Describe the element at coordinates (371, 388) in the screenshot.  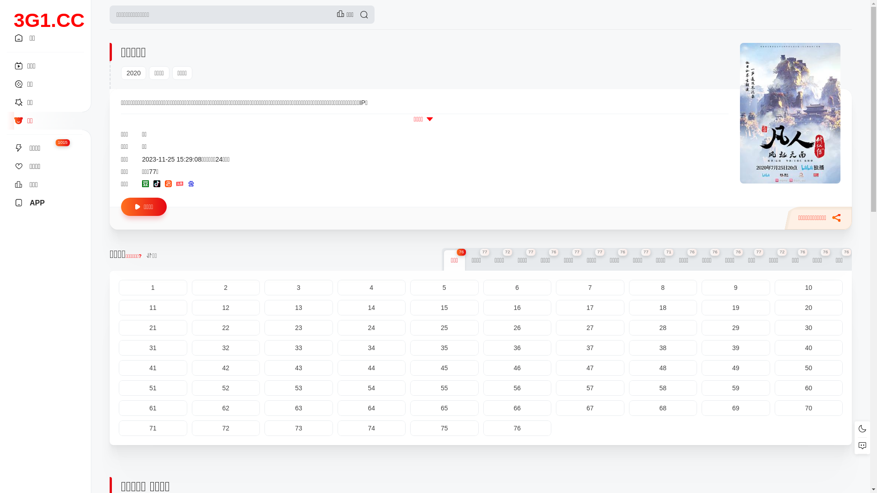
I see `'54'` at that location.